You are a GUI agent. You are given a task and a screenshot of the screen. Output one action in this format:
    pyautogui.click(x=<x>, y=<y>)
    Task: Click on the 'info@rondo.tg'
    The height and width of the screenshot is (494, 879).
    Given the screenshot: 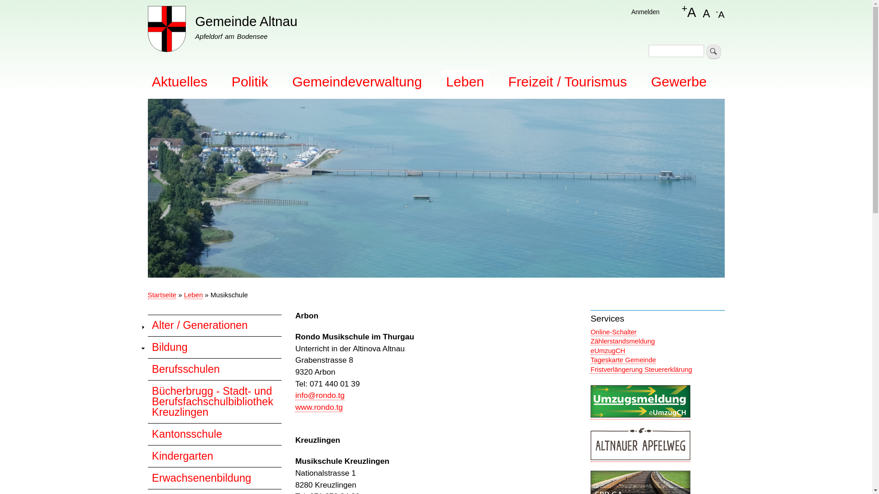 What is the action you would take?
    pyautogui.click(x=295, y=395)
    